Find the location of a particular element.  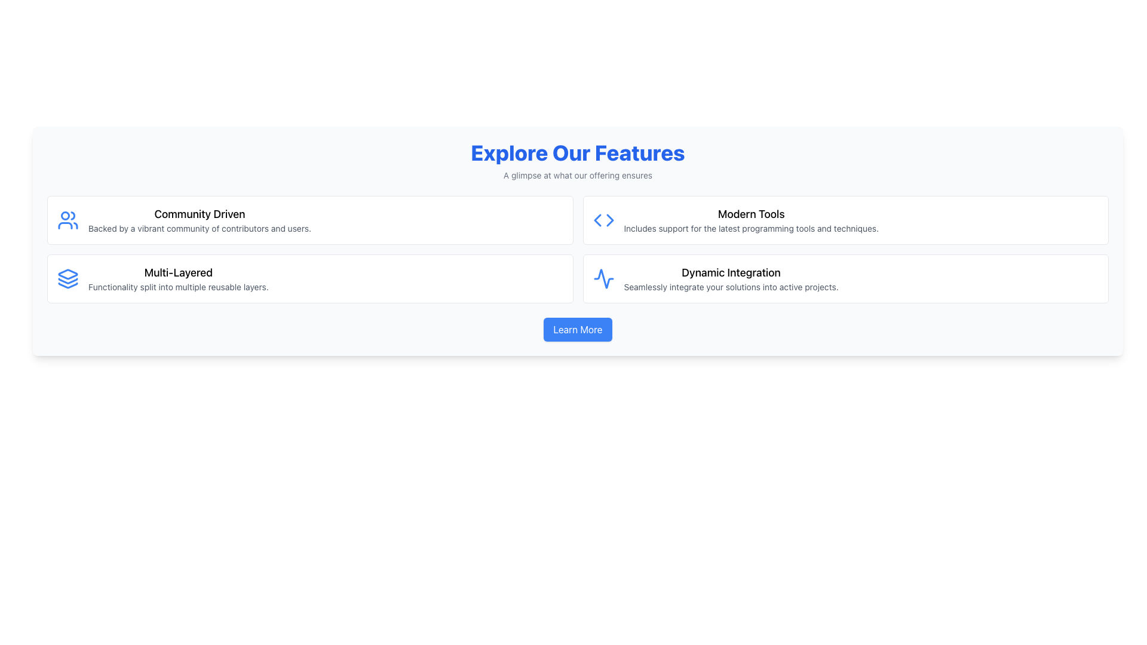

the text label 'Multi-Layered', which is styled in a large bold font and serves as a headline within the interface is located at coordinates (177, 272).